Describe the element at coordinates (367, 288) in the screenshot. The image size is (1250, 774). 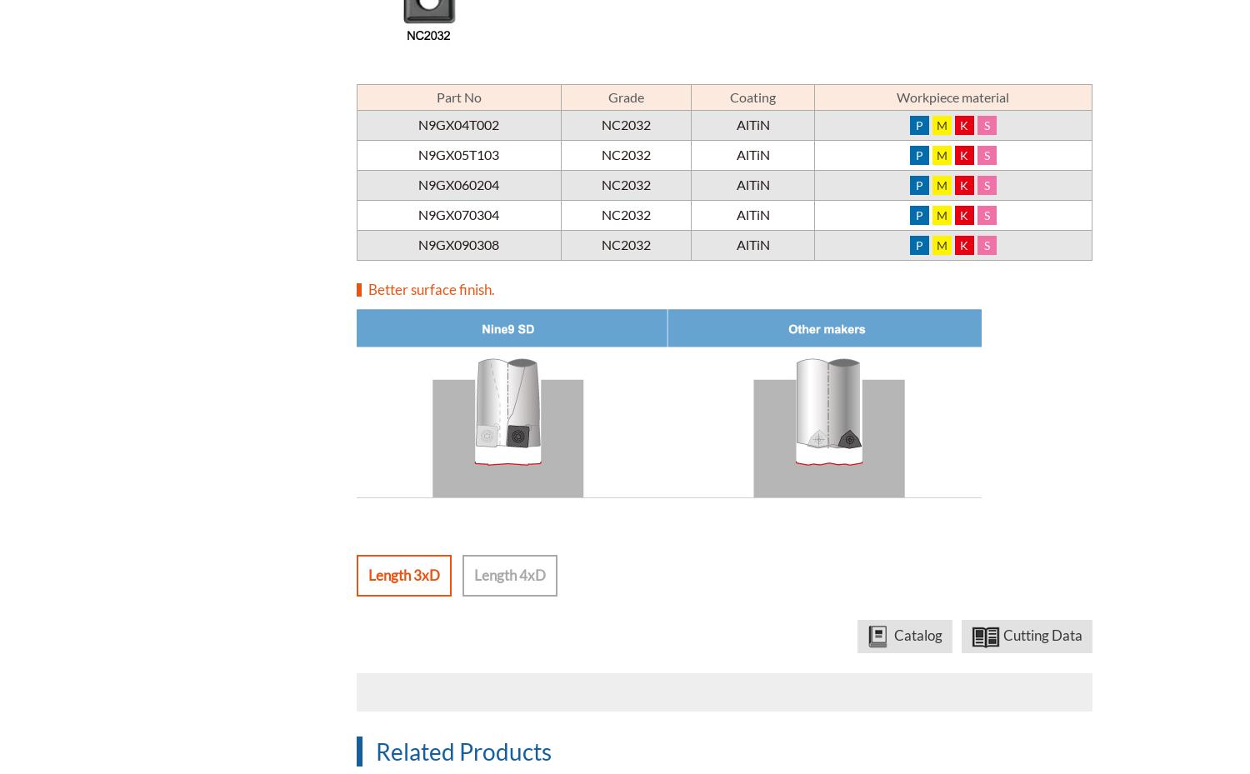
I see `'Better surface finish.'` at that location.